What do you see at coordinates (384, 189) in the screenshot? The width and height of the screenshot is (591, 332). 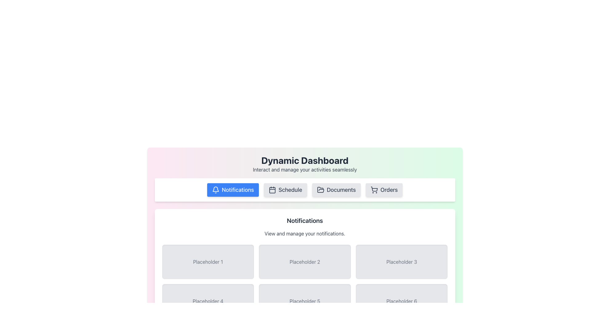 I see `the fourth button from the left in the top center region of the dashboard` at bounding box center [384, 189].